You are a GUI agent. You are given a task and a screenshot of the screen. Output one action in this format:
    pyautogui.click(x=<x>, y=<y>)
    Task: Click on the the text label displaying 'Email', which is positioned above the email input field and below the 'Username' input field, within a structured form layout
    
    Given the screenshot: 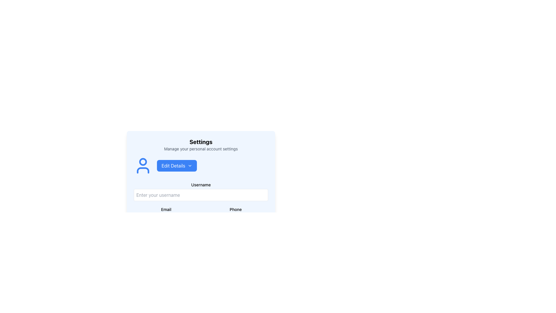 What is the action you would take?
    pyautogui.click(x=166, y=209)
    